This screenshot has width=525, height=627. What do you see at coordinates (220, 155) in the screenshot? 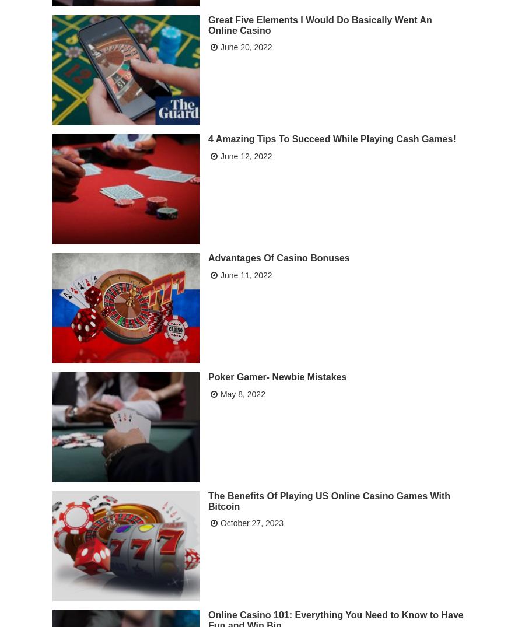
I see `'June 12, 2022'` at bounding box center [220, 155].